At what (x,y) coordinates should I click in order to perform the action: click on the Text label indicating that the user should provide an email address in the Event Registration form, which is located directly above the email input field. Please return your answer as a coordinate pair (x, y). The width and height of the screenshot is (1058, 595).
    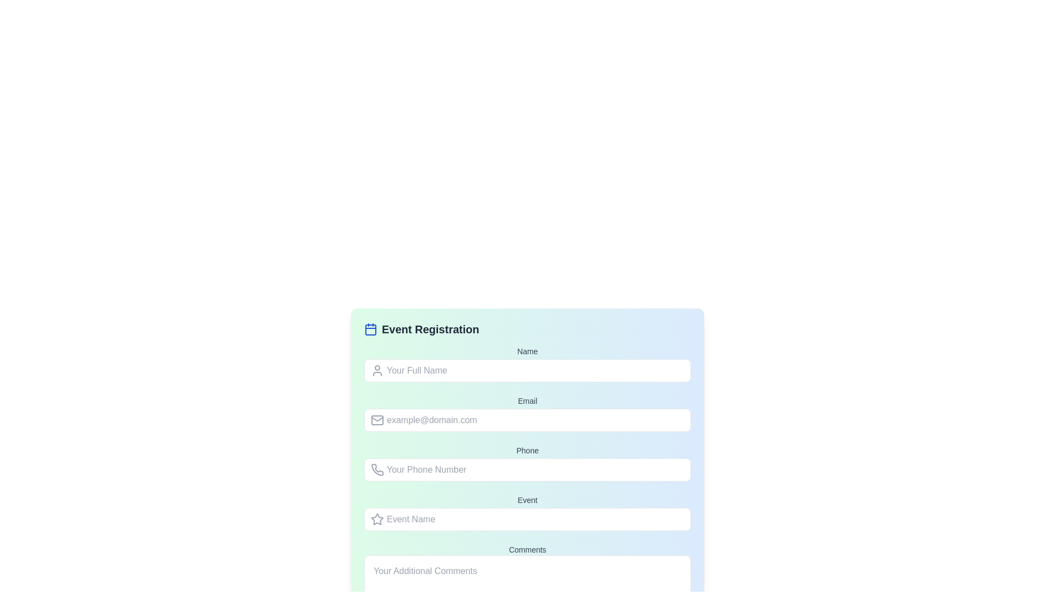
    Looking at the image, I should click on (527, 401).